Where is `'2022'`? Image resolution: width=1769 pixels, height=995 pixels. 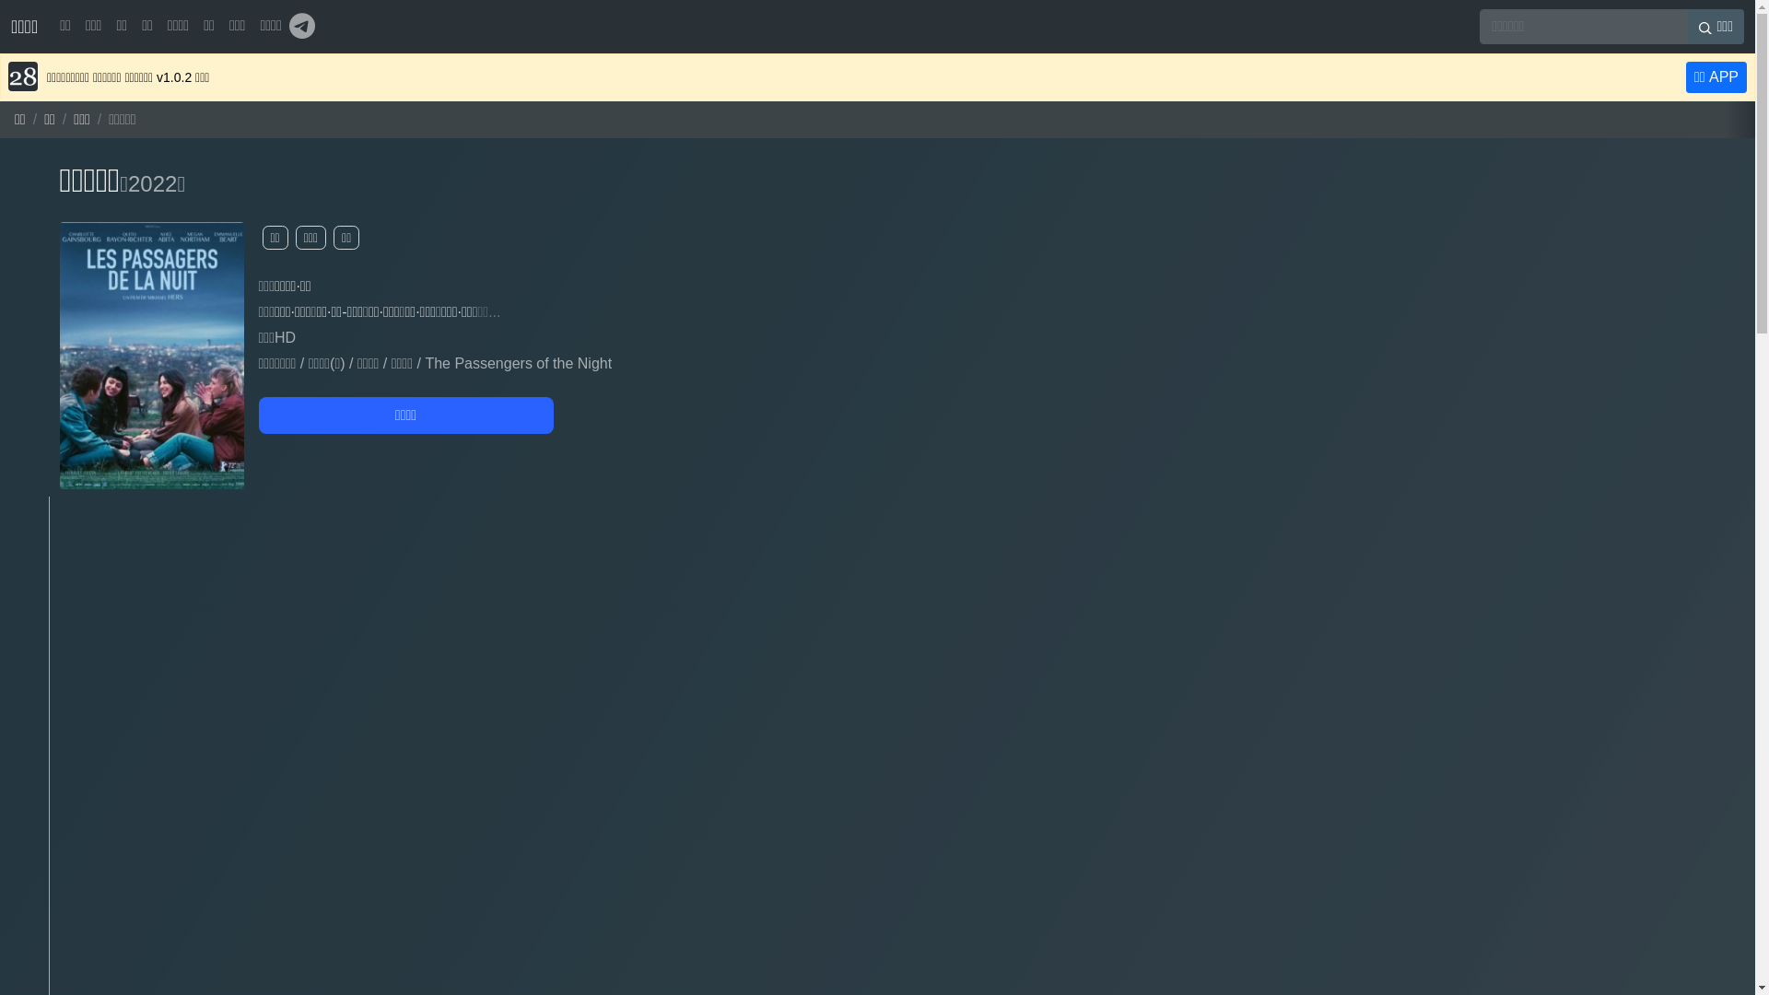 '2022' is located at coordinates (152, 183).